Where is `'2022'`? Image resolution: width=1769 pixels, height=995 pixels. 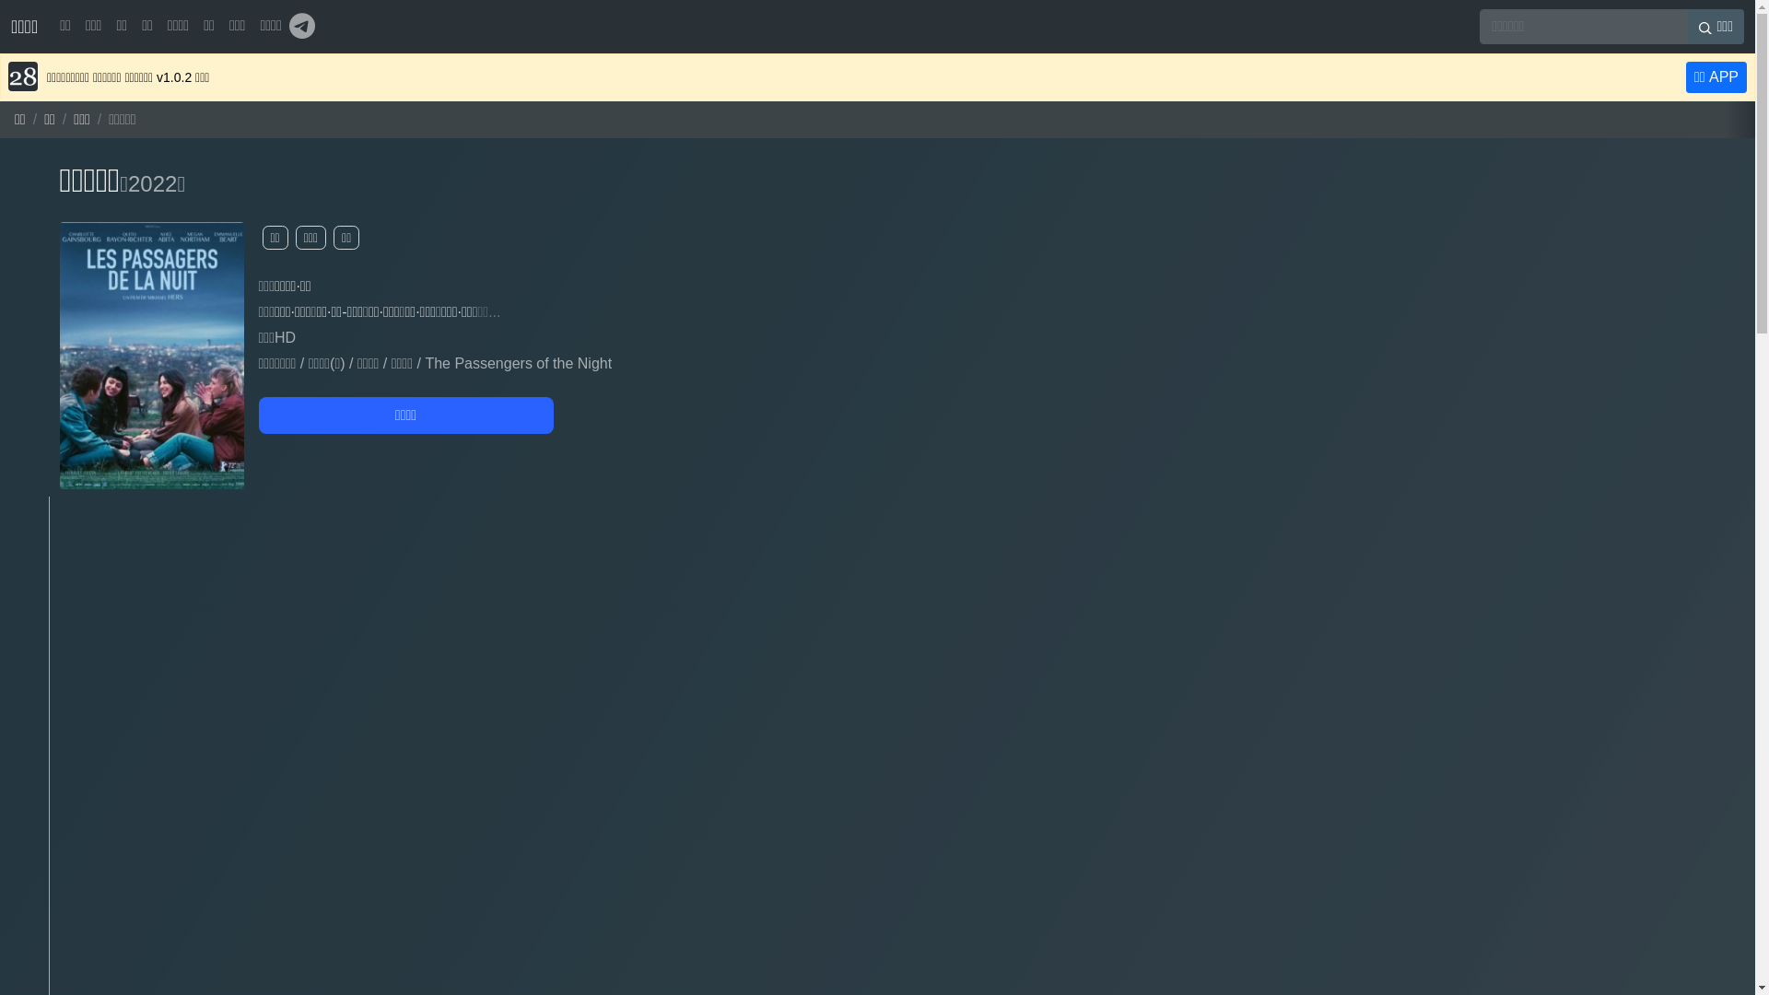 '2022' is located at coordinates (152, 183).